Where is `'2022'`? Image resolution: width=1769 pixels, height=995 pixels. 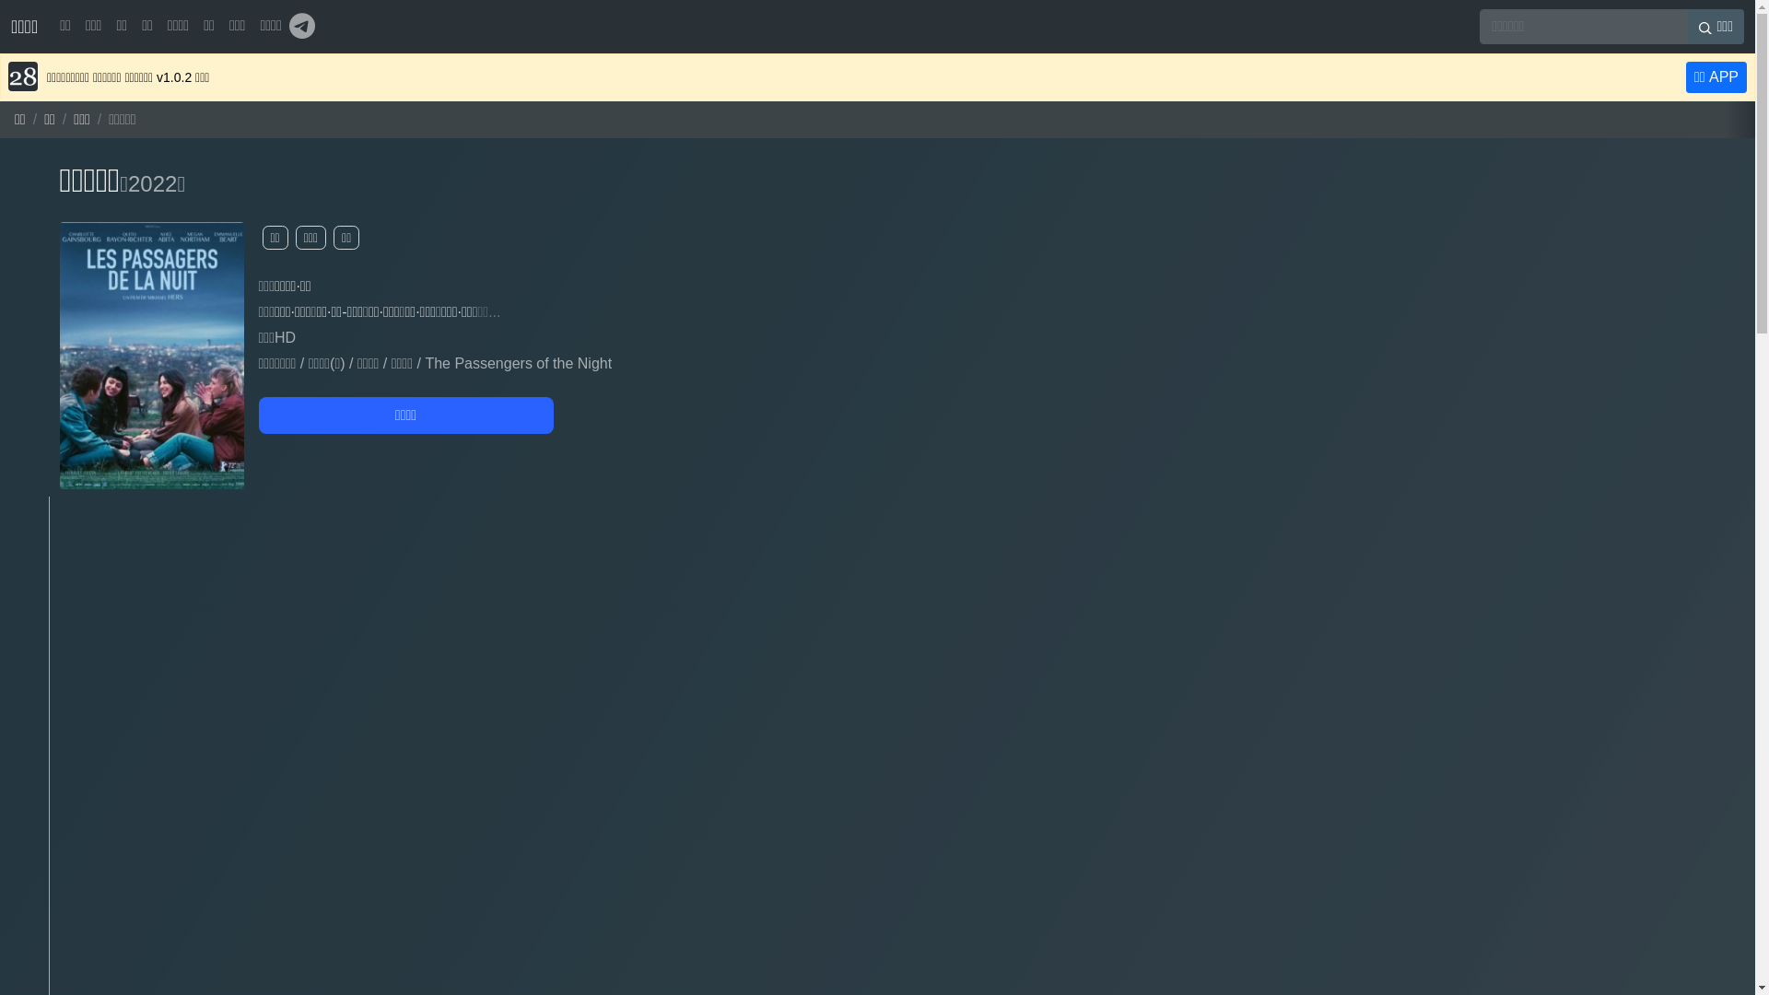 '2022' is located at coordinates (152, 183).